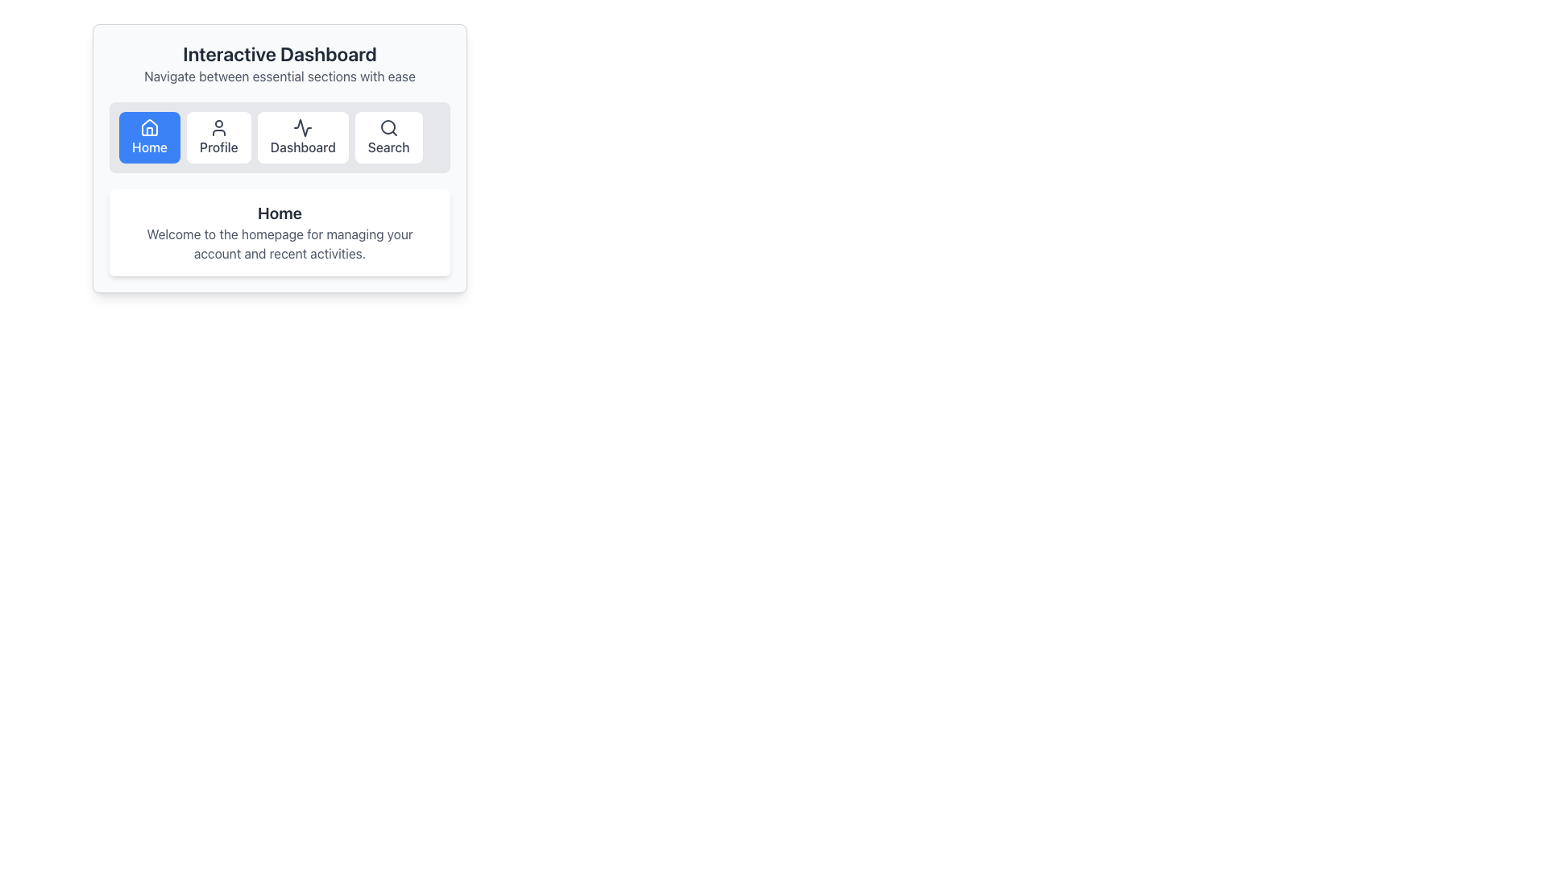 This screenshot has height=870, width=1547. I want to click on the house icon, so click(150, 126).